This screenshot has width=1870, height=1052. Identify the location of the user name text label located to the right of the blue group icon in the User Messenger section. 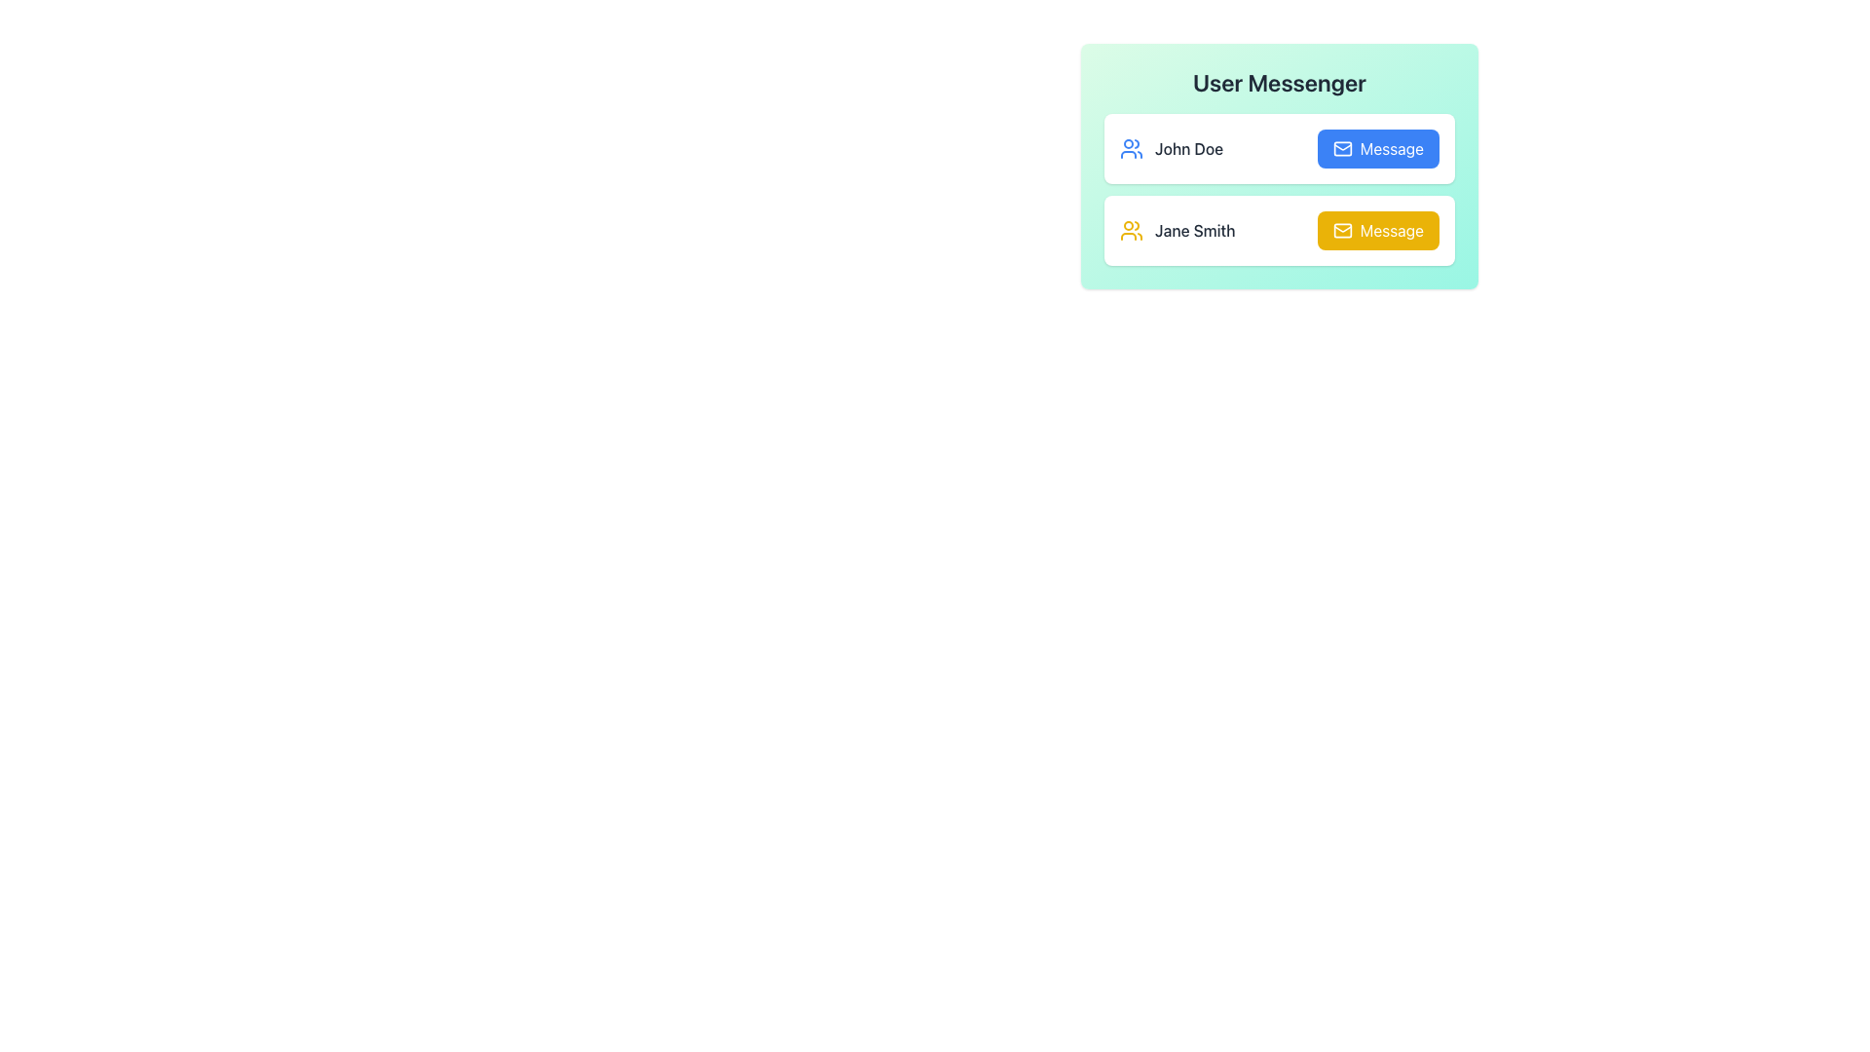
(1188, 148).